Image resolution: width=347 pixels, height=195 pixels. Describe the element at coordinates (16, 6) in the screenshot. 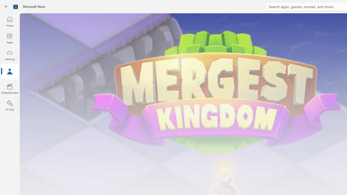

I see `'Class: Image'` at that location.